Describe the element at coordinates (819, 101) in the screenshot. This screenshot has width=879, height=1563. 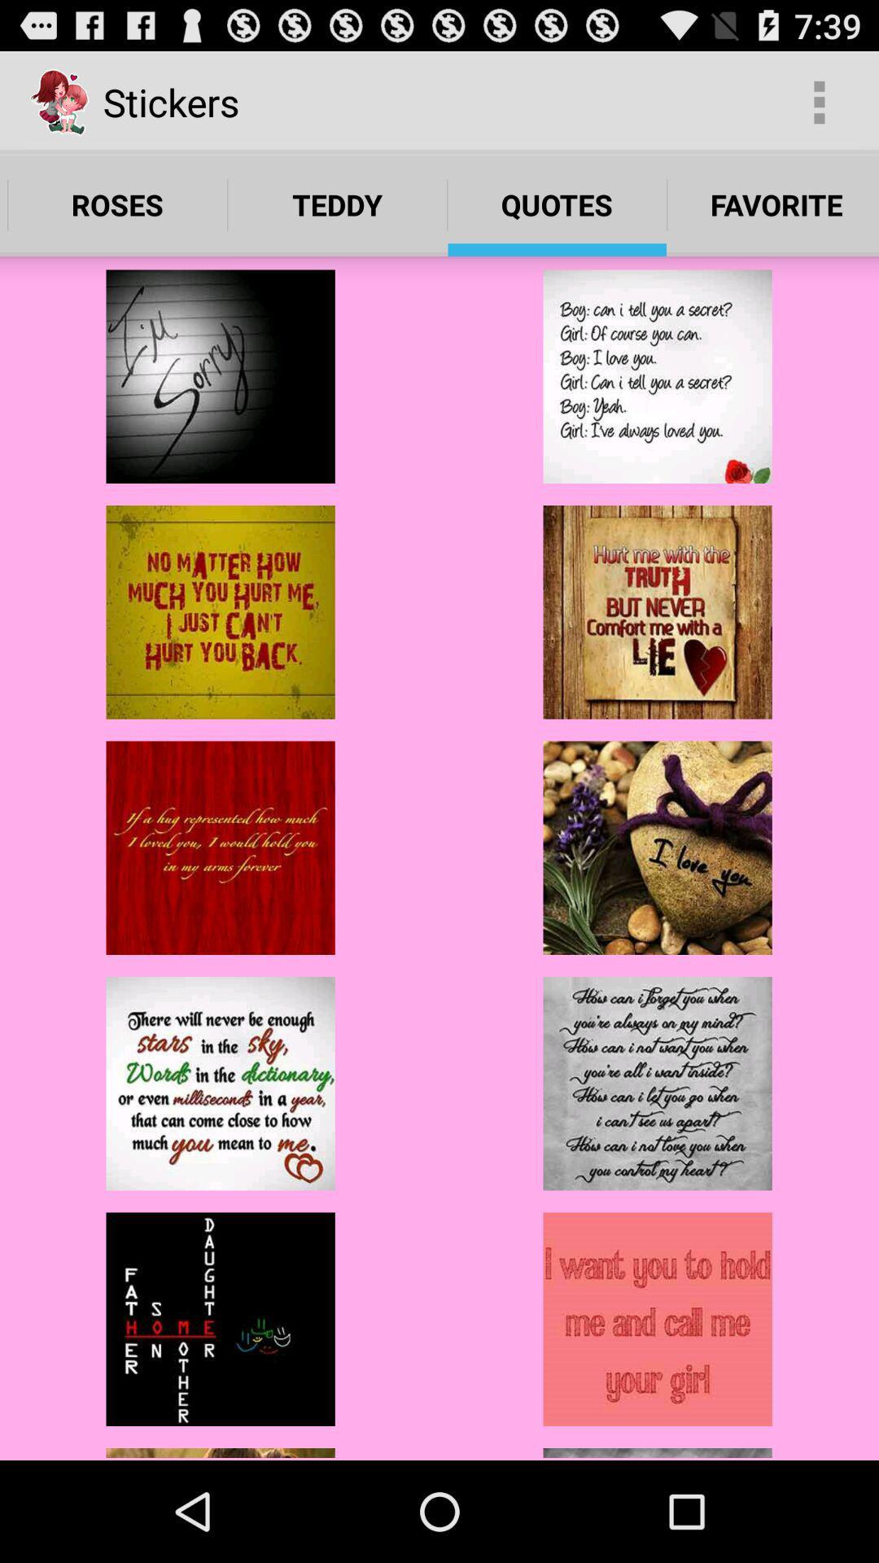
I see `the item to the right of the stickers icon` at that location.